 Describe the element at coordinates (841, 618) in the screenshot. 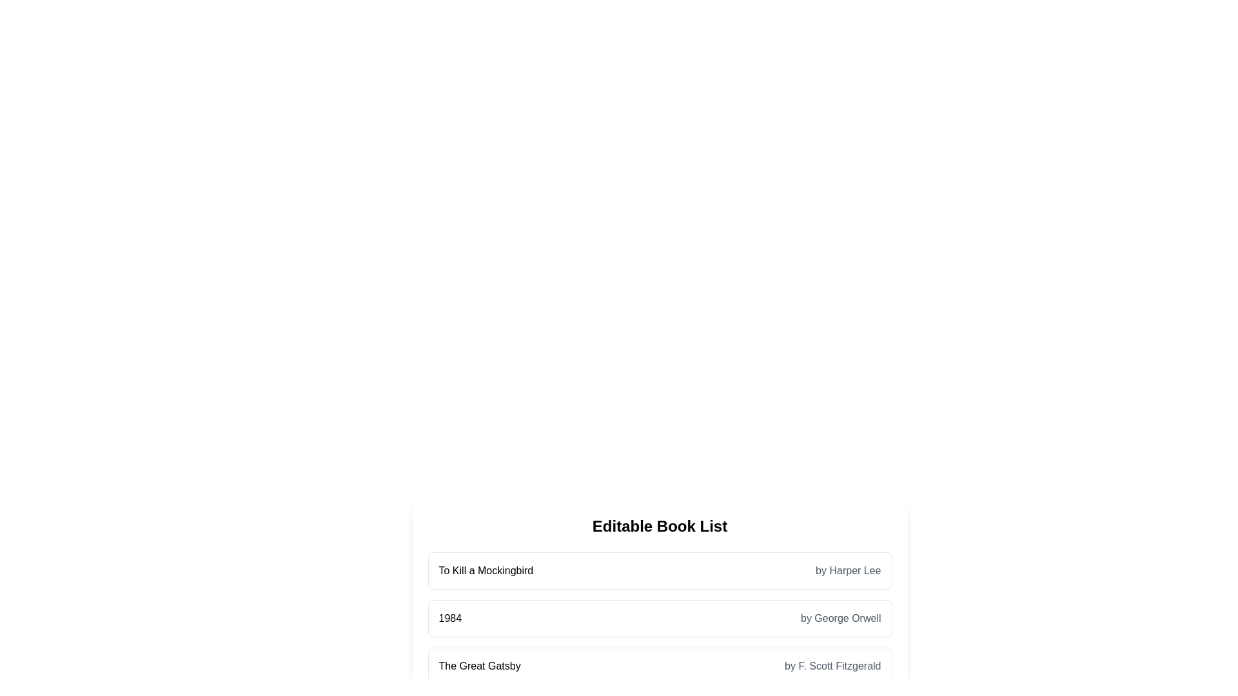

I see `the text label that provides authorship information for the book title '1984', which states 'by George Orwell'` at that location.